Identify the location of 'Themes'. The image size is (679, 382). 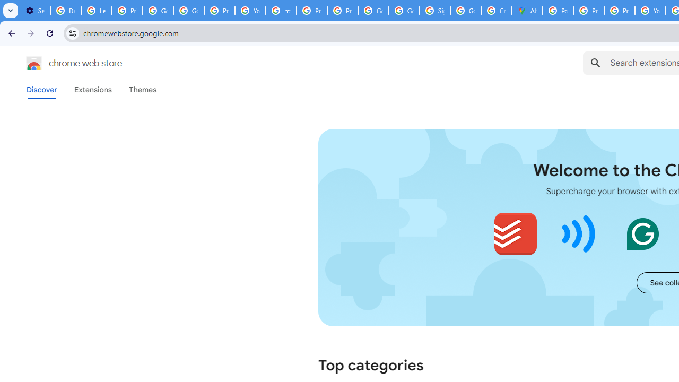
(142, 89).